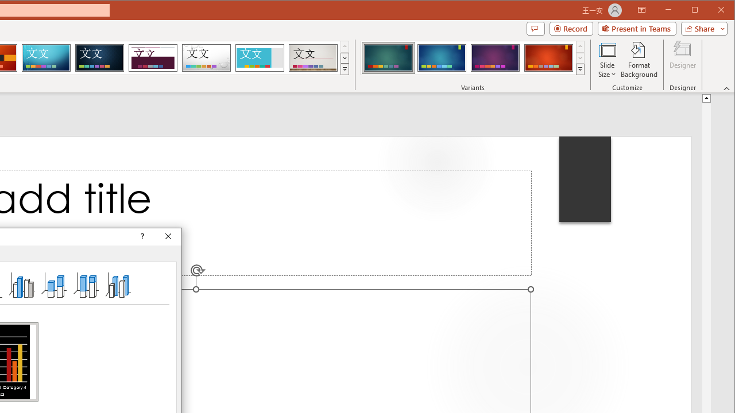 The height and width of the screenshot is (413, 735). Describe the element at coordinates (639, 60) in the screenshot. I see `'Format Background'` at that location.